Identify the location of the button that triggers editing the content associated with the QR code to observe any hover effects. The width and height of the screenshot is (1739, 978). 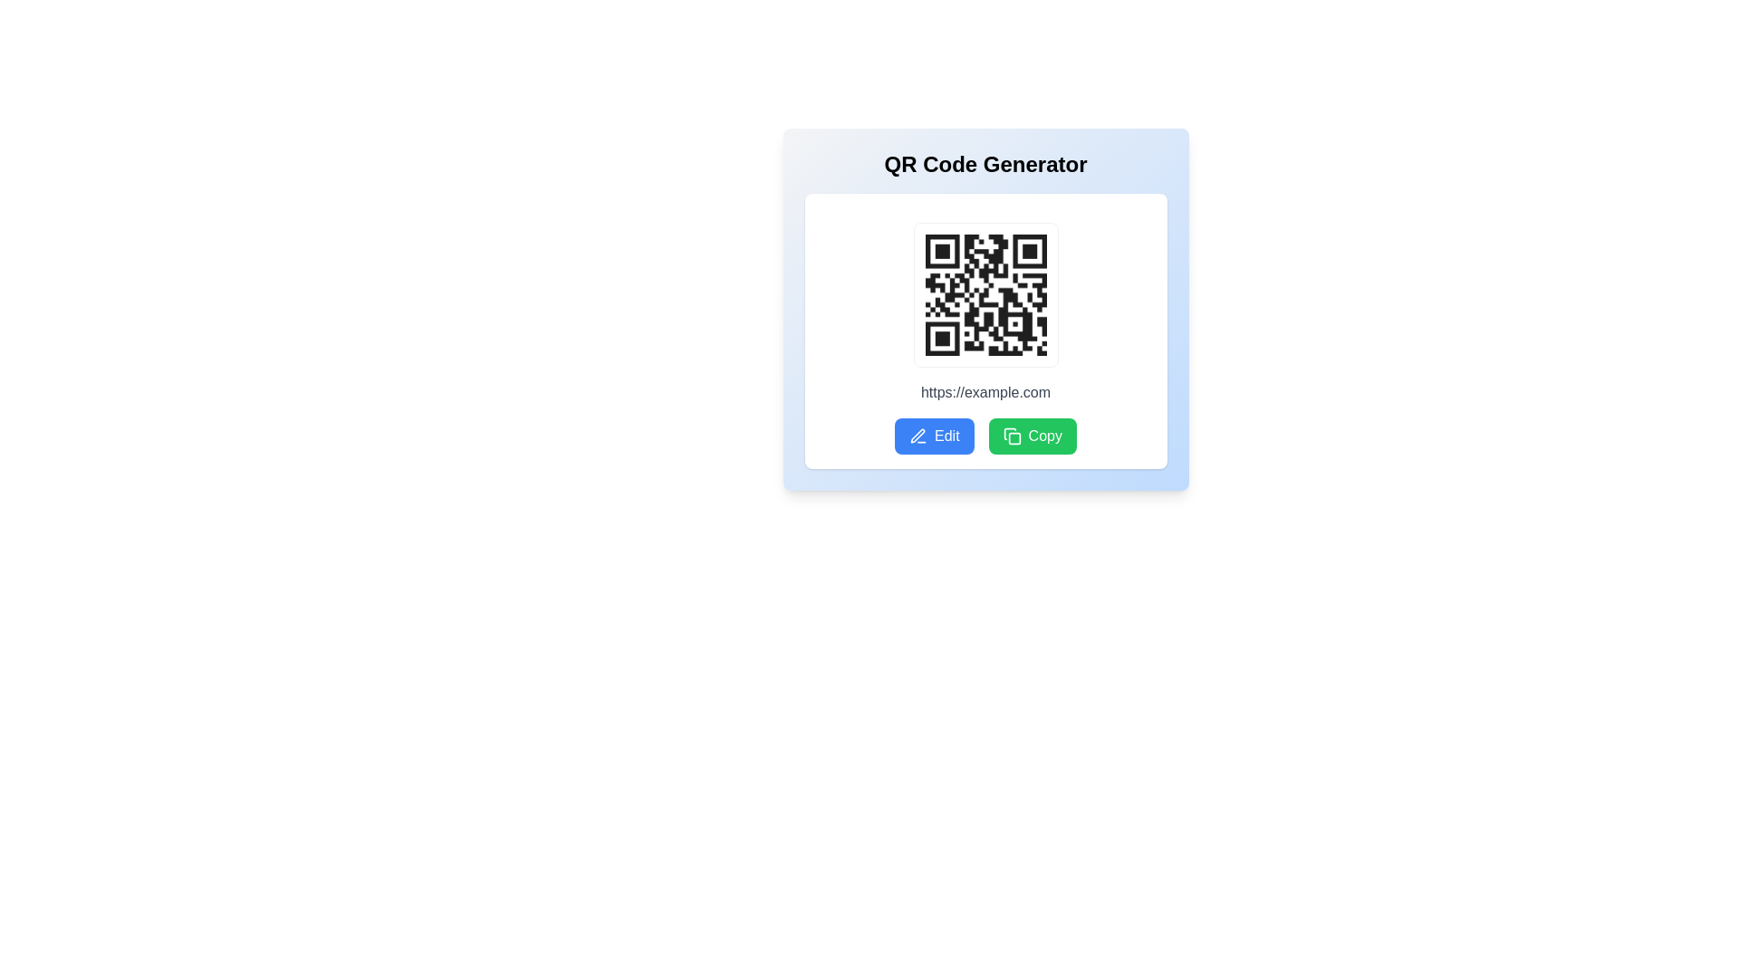
(934, 436).